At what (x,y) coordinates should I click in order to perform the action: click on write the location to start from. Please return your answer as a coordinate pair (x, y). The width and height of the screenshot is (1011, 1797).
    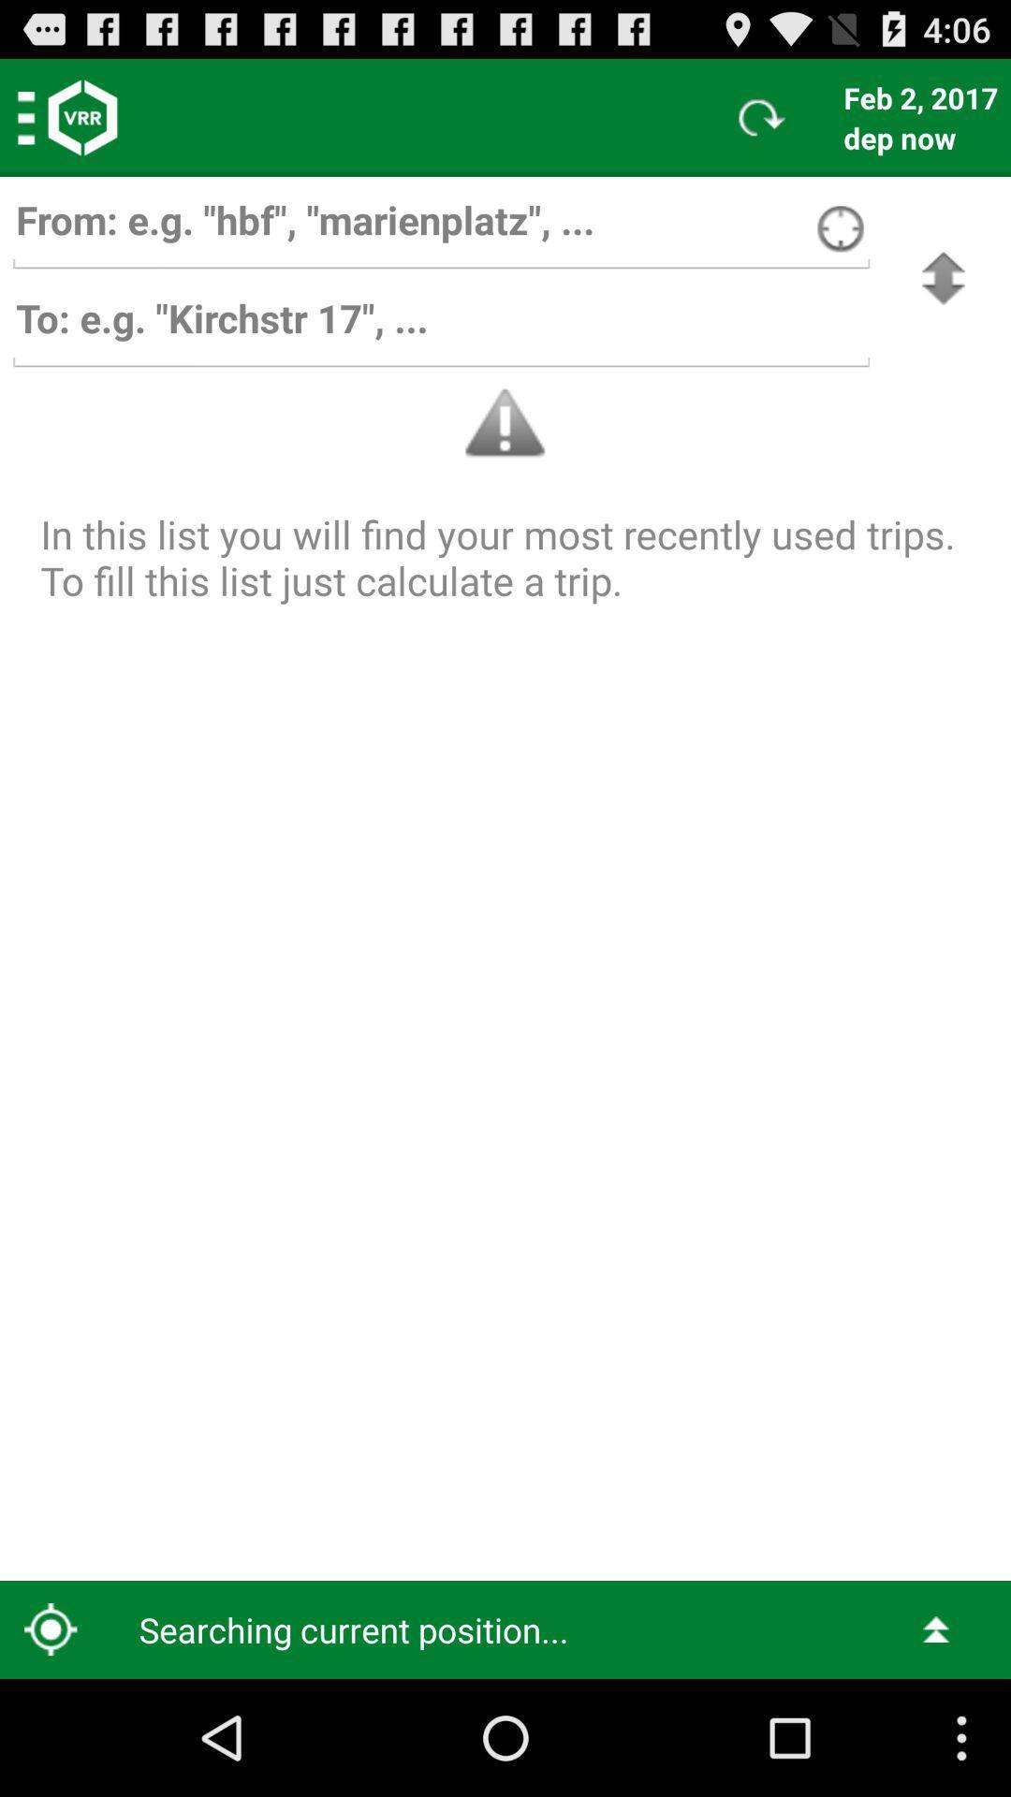
    Looking at the image, I should click on (441, 228).